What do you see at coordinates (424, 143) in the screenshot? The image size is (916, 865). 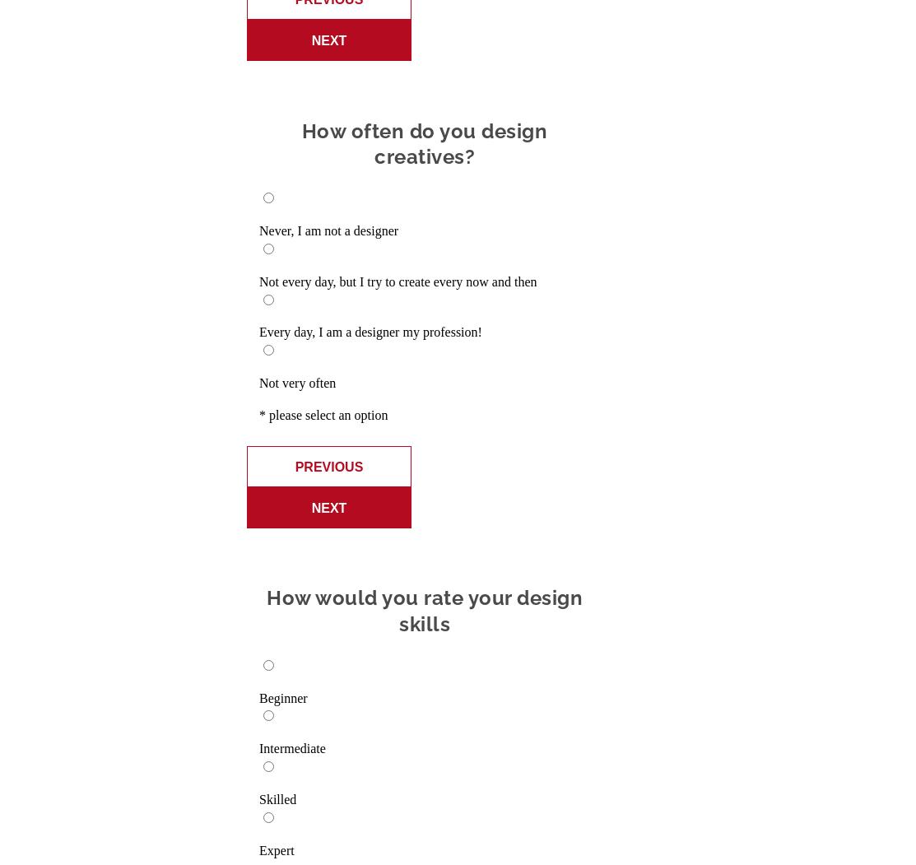 I see `'How often do you design creatives?'` at bounding box center [424, 143].